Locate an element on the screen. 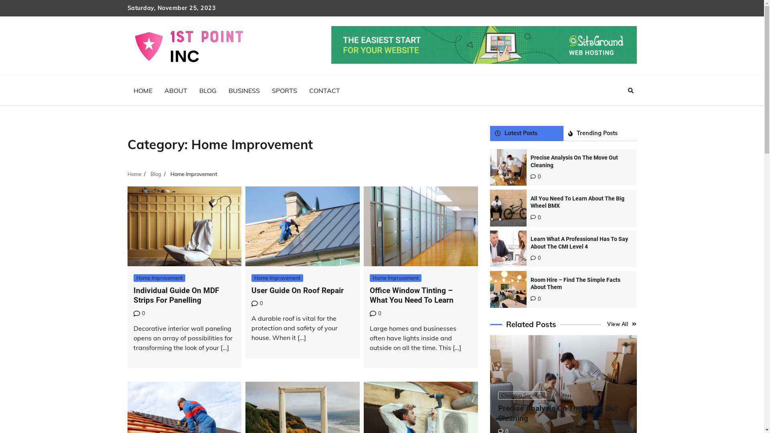  'Search' is located at coordinates (616, 109).